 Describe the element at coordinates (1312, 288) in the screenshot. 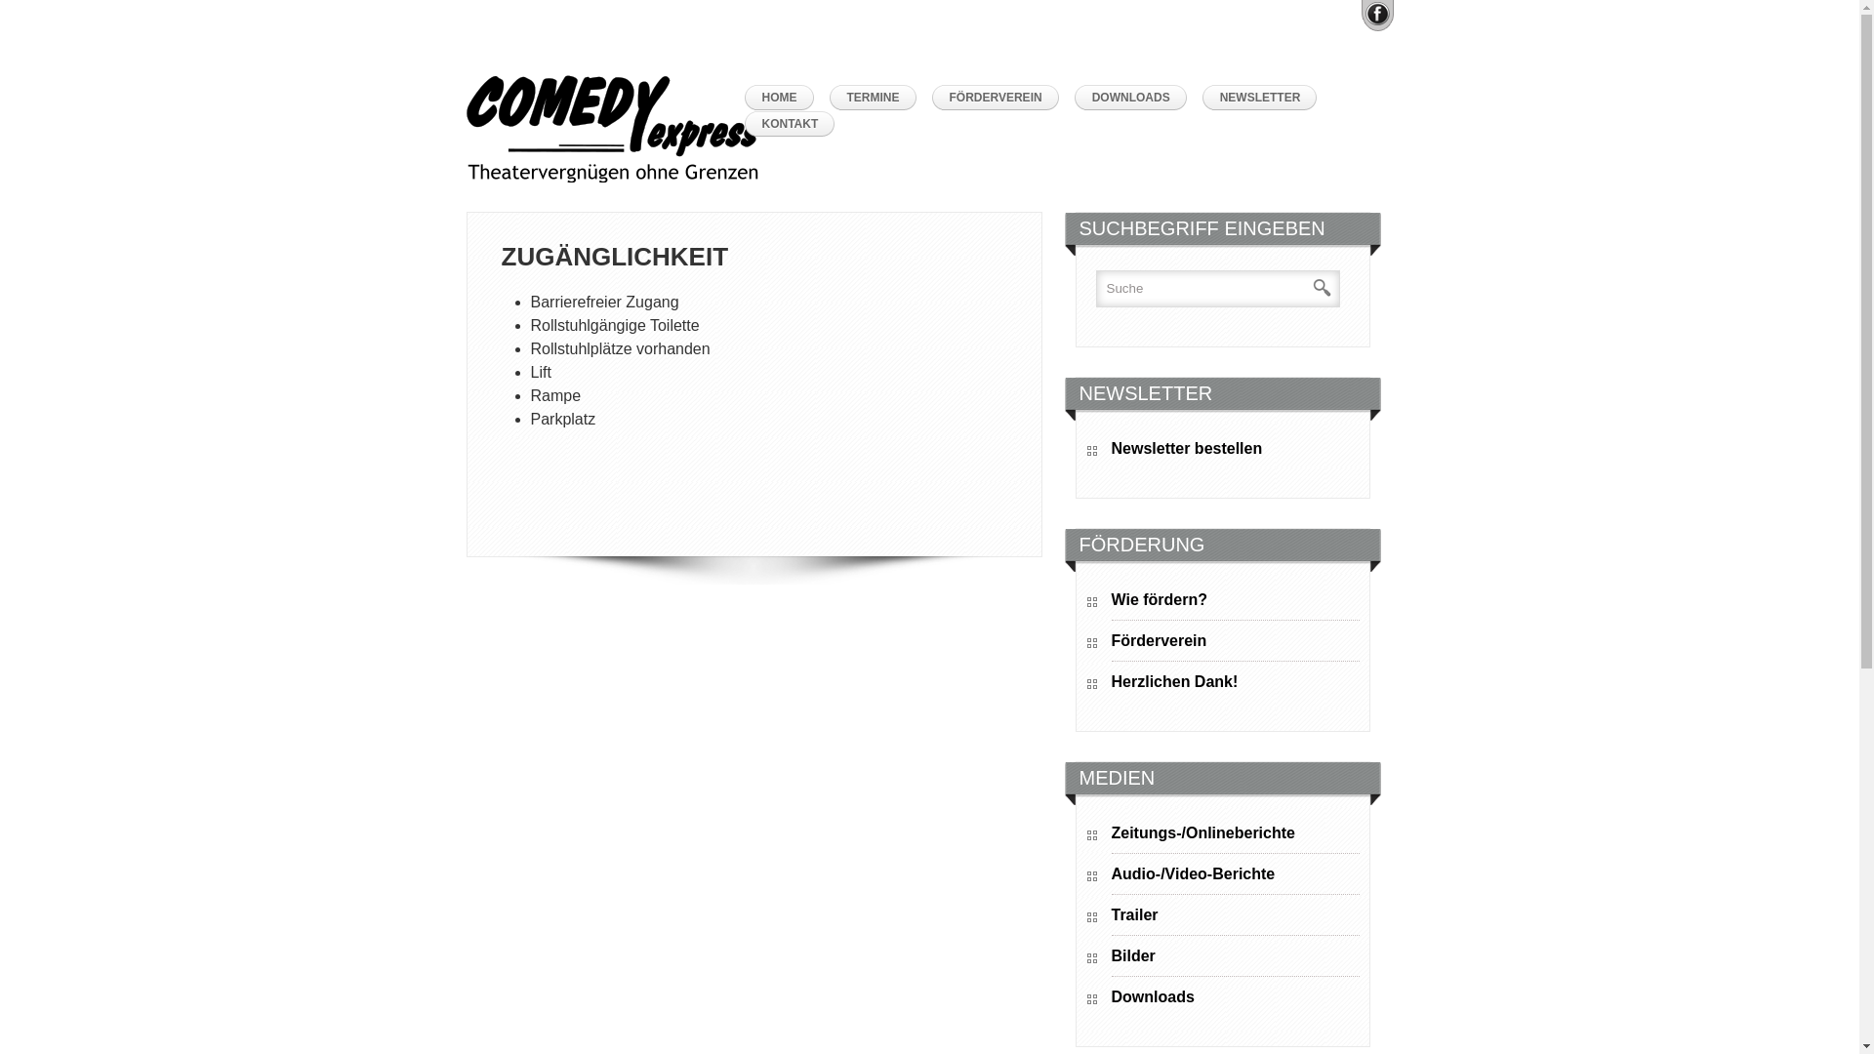

I see `'Search'` at that location.